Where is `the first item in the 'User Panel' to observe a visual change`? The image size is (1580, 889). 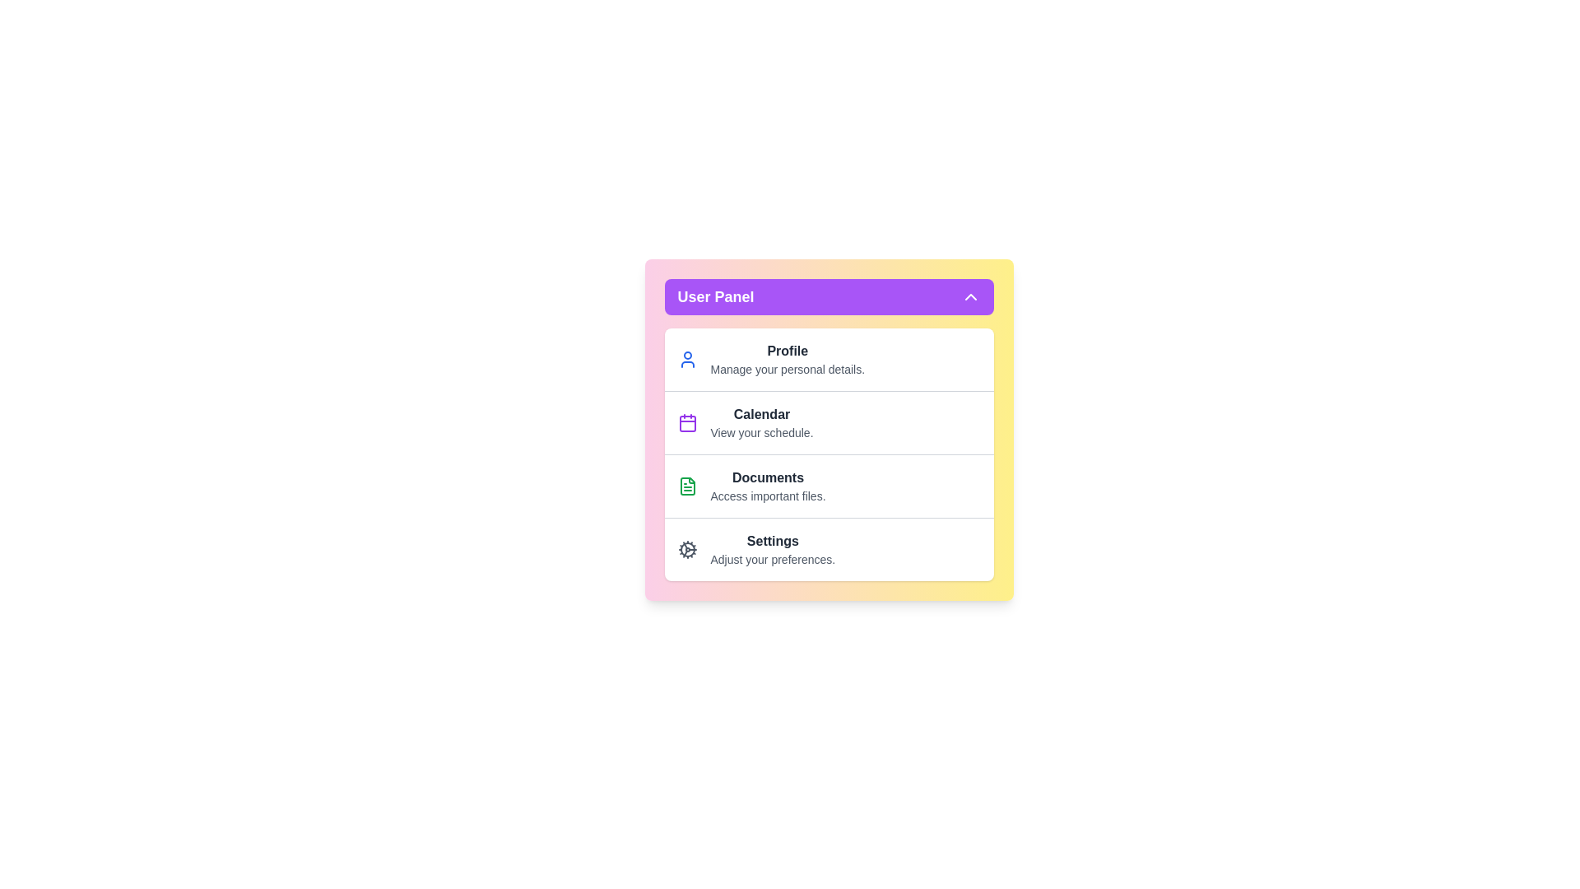
the first item in the 'User Panel' to observe a visual change is located at coordinates (829, 358).